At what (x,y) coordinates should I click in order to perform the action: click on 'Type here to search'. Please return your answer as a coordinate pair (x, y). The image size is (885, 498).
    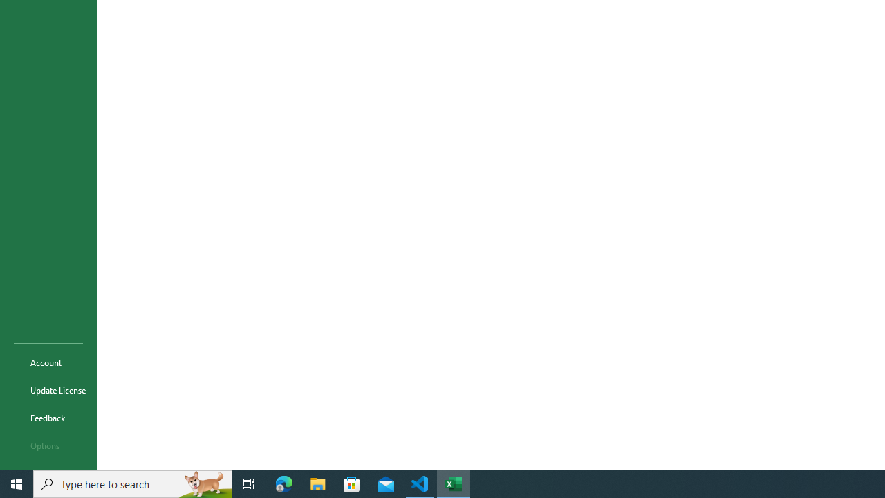
    Looking at the image, I should click on (133, 483).